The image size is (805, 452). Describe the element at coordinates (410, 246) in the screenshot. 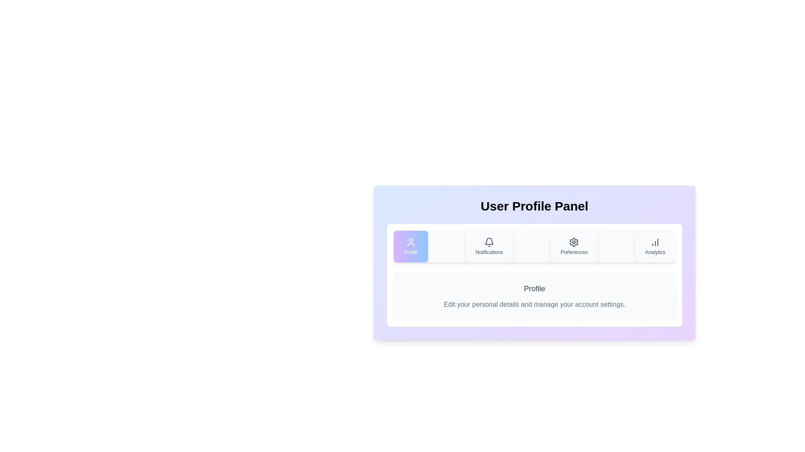

I see `the tab labeled Profile to preview its interactive effect` at that location.